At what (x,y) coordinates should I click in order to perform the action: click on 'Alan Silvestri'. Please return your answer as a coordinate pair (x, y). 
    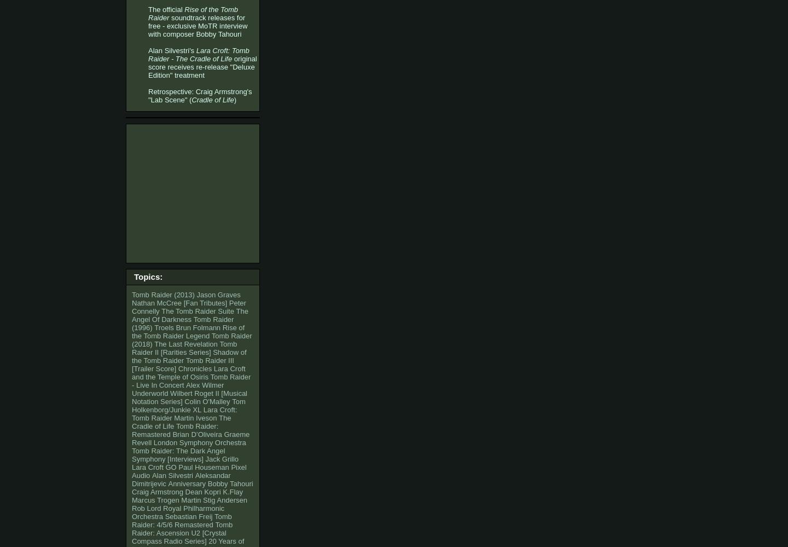
    Looking at the image, I should click on (172, 475).